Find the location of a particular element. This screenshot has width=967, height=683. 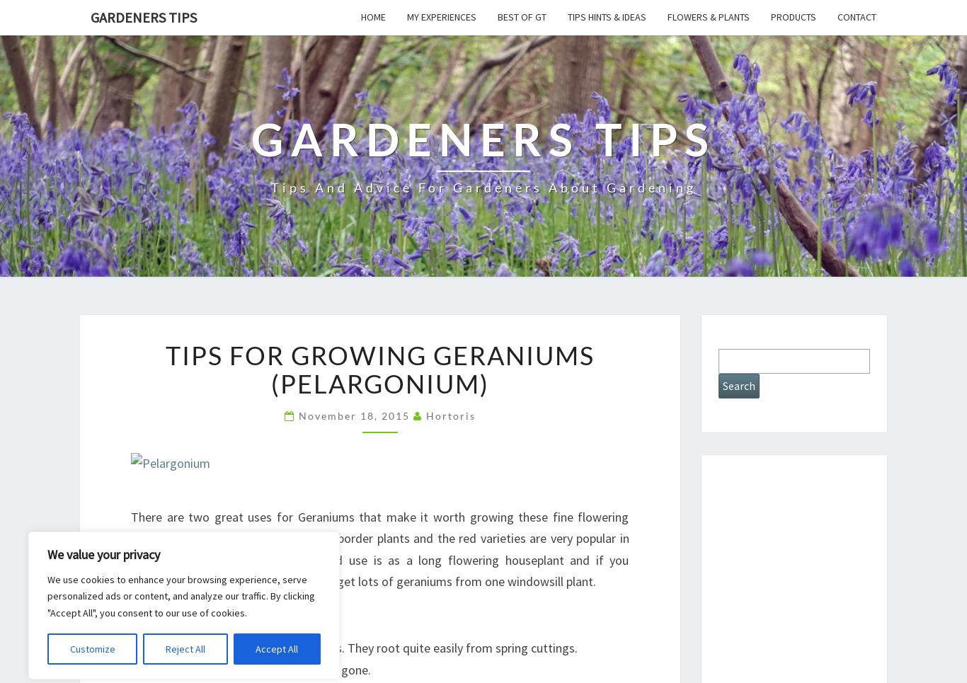

'Reject All' is located at coordinates (185, 648).